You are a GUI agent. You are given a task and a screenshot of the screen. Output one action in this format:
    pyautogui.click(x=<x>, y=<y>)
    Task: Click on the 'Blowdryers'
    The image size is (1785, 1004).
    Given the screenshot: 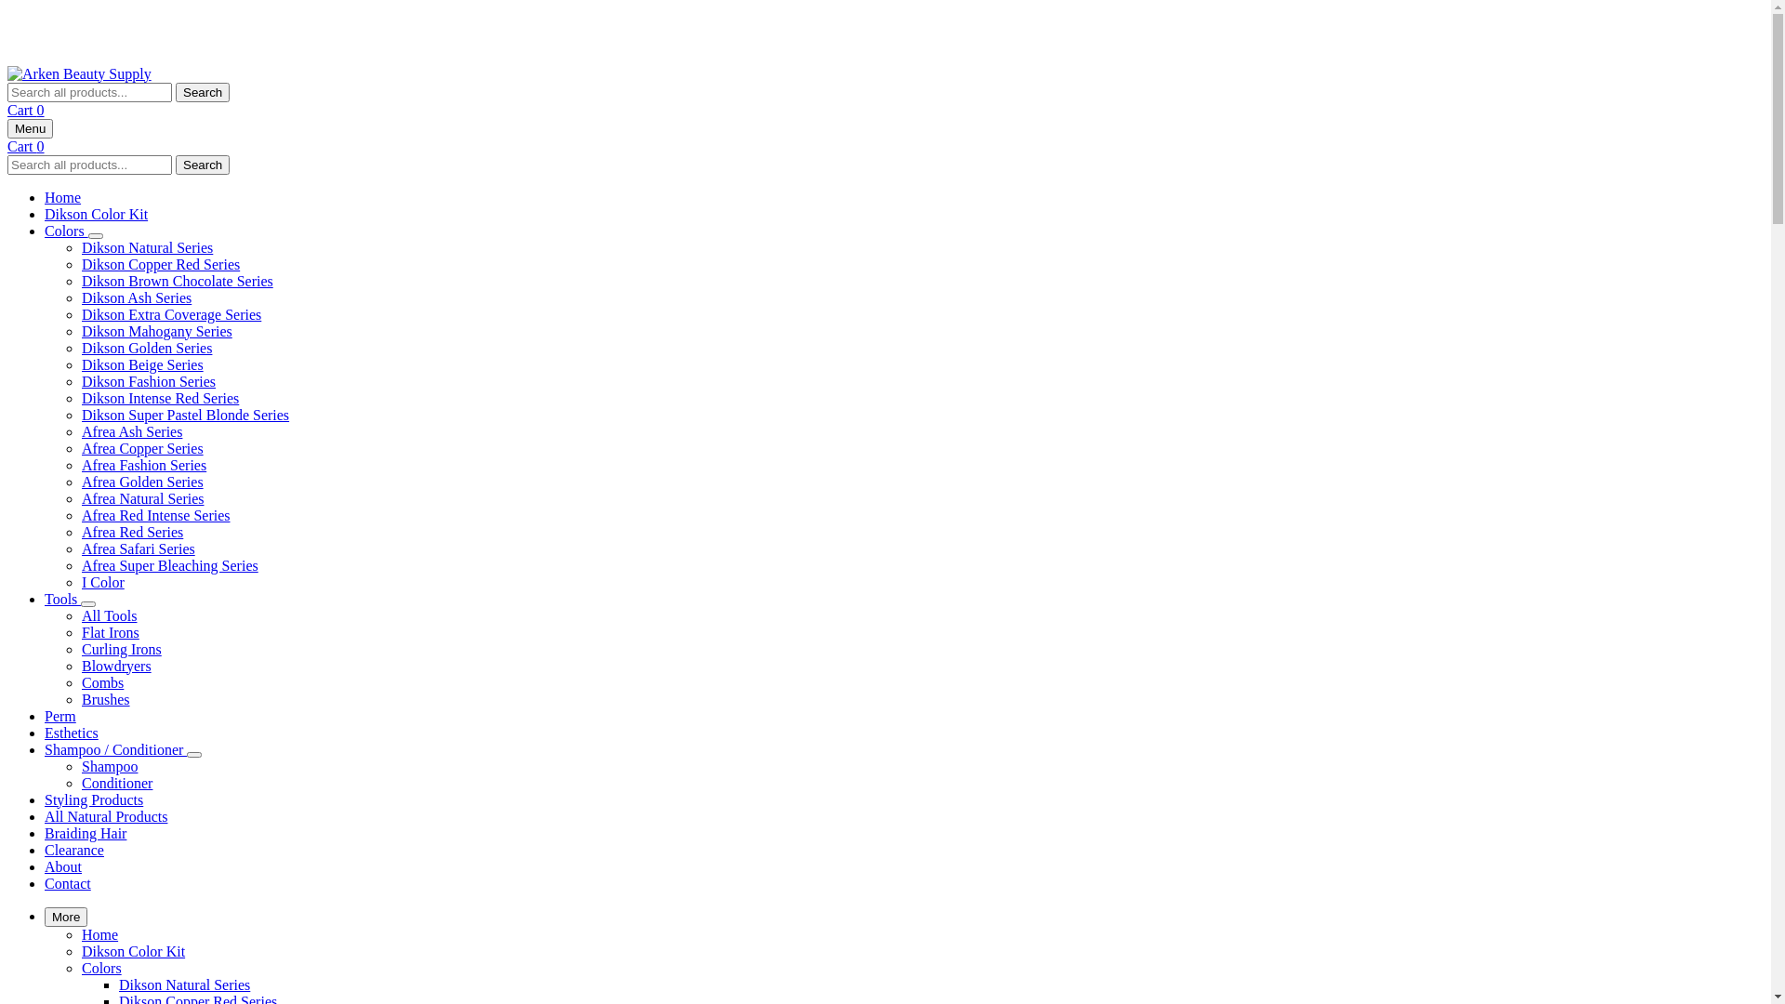 What is the action you would take?
    pyautogui.click(x=115, y=665)
    